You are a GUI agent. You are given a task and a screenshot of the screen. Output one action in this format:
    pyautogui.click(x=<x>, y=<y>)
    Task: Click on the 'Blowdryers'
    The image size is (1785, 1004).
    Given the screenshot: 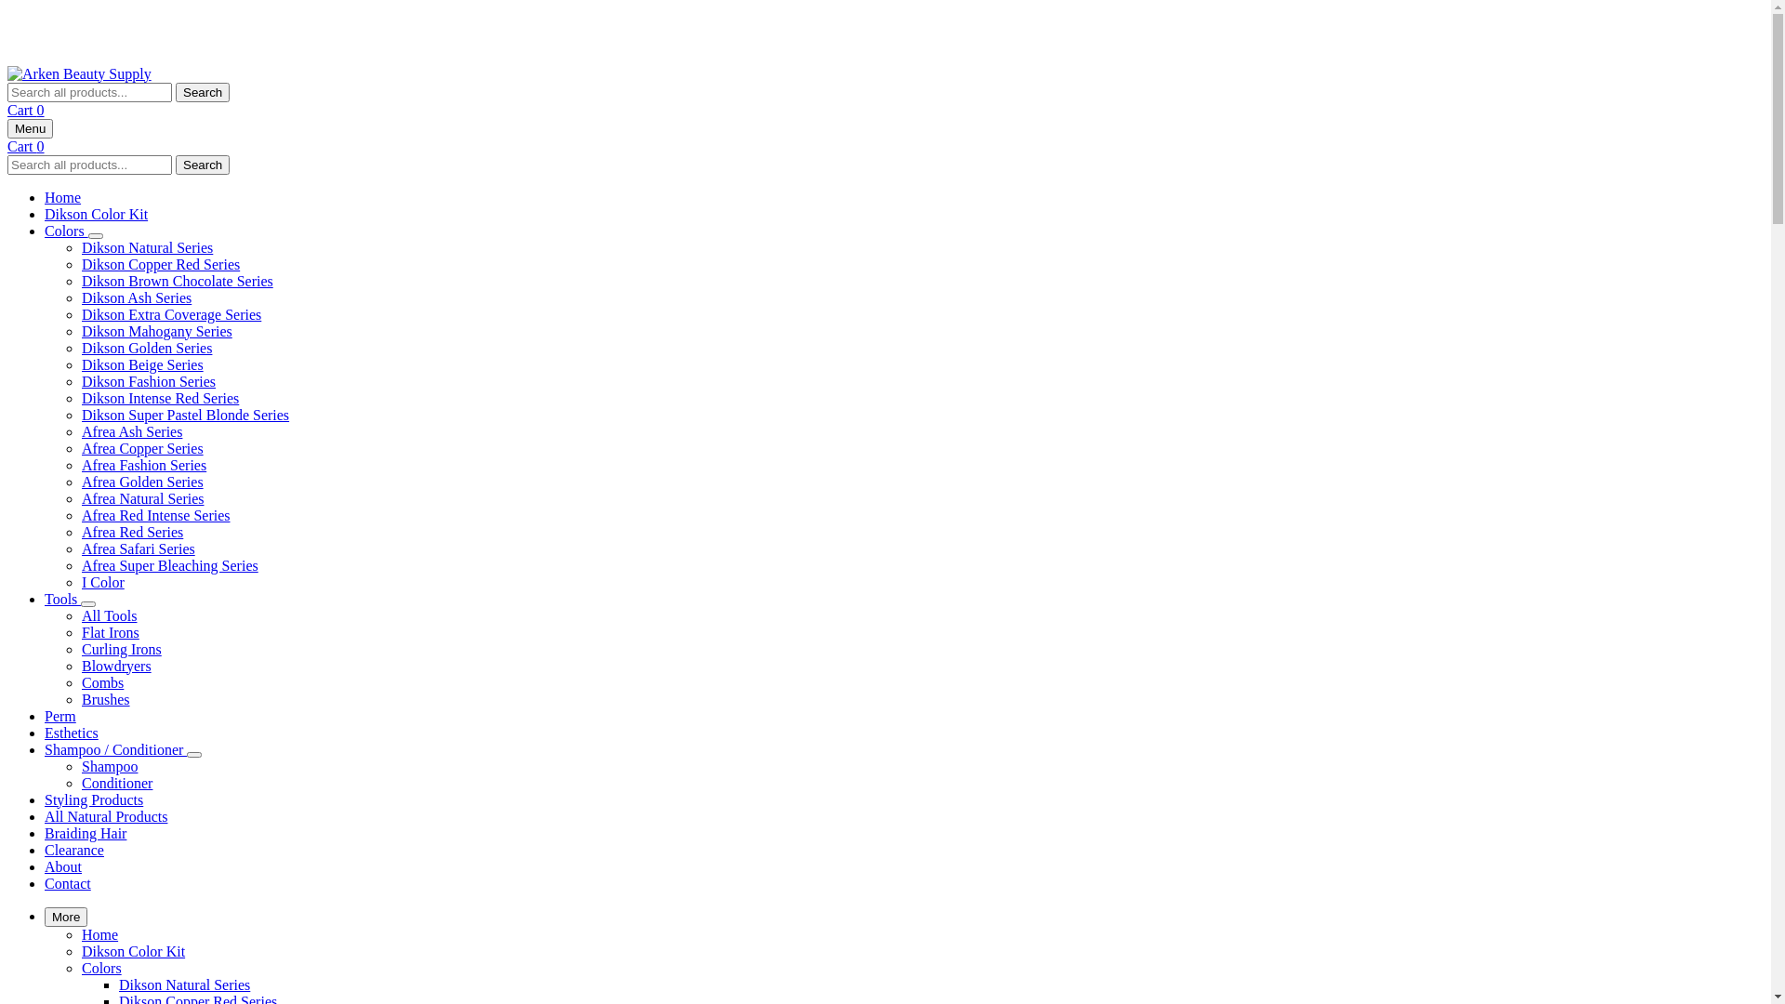 What is the action you would take?
    pyautogui.click(x=115, y=665)
    